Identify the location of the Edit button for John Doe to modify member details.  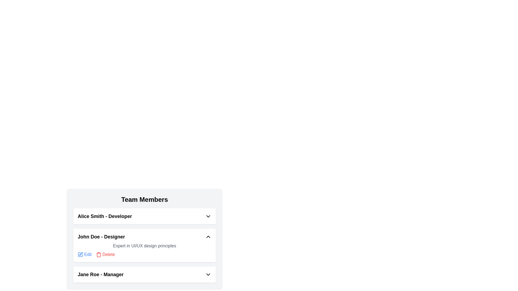
(84, 255).